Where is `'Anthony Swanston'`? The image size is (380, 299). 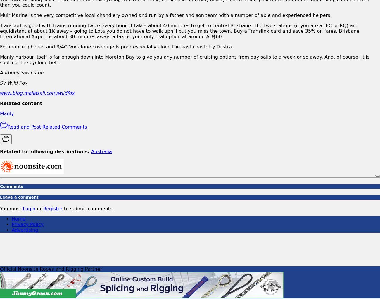 'Anthony Swanston' is located at coordinates (22, 72).